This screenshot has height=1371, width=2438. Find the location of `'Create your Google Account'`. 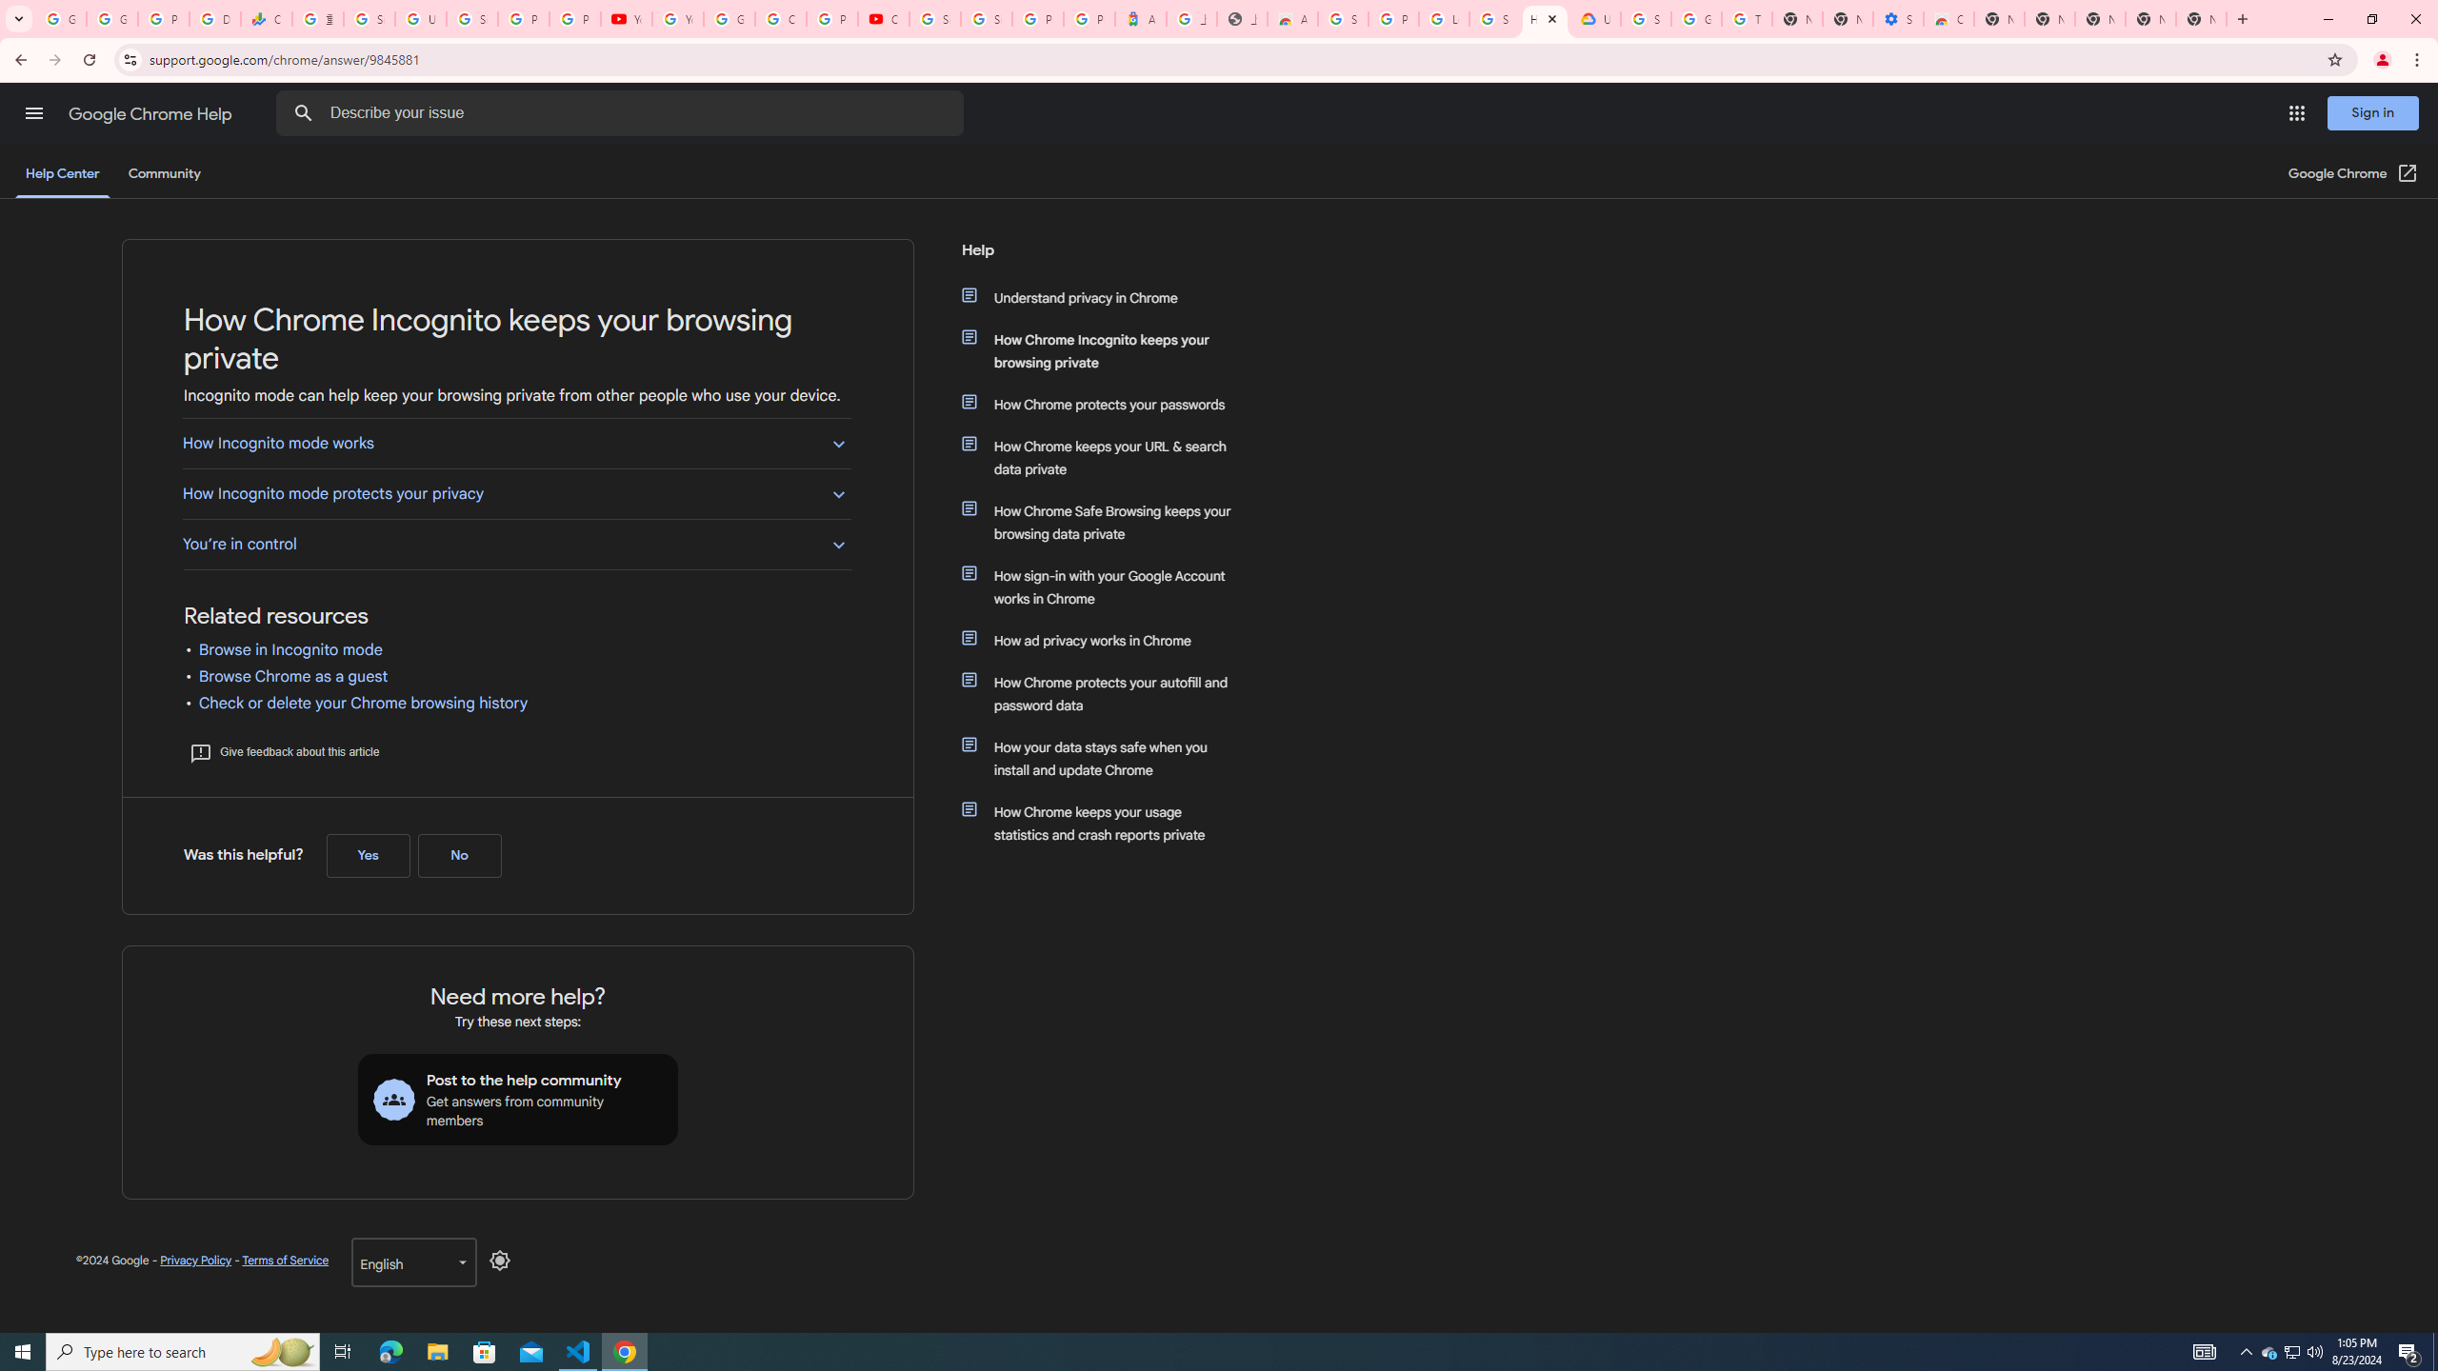

'Create your Google Account' is located at coordinates (780, 18).